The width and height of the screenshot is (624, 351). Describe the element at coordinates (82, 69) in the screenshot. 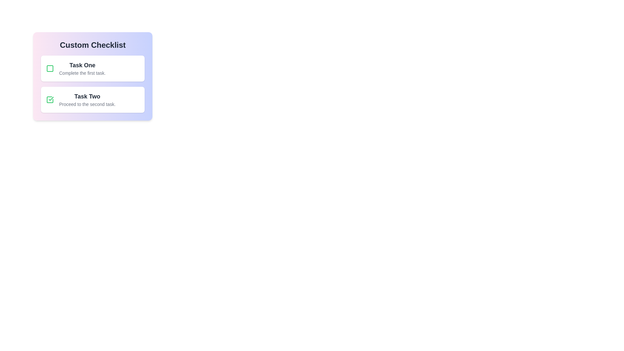

I see `text content displayed for the first task in the 'Custom Checklist', which is located to the right of the corresponding checkbox icon` at that location.